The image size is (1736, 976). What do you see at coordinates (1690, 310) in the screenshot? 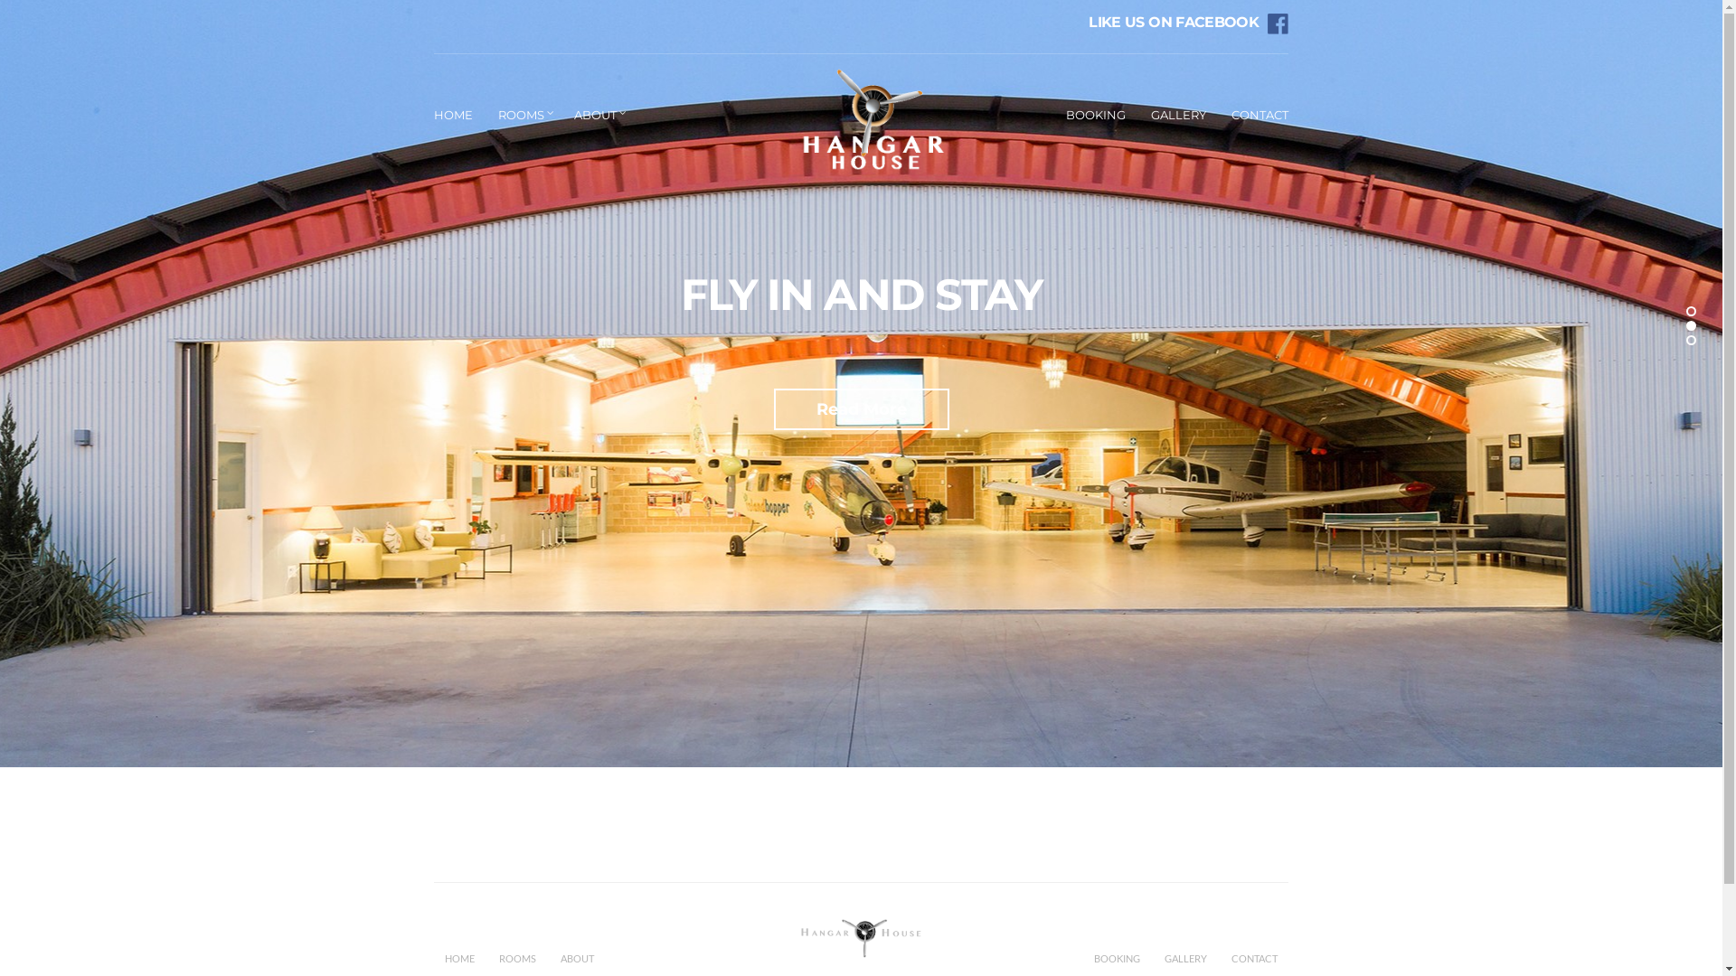
I see `'1'` at bounding box center [1690, 310].